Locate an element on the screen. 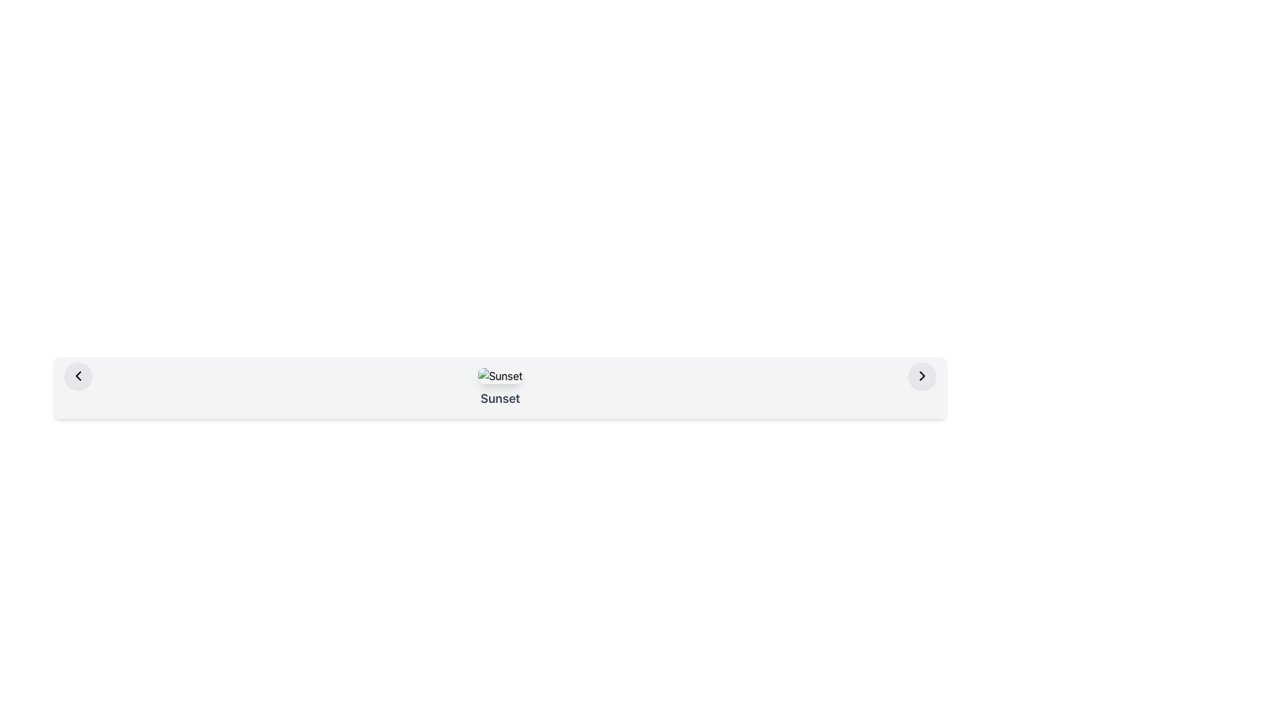 The width and height of the screenshot is (1288, 724). the circular button on the left end of the white horizontal panel, which has a gray background and a left-pointing chevron icon, to potentially see a tooltip is located at coordinates (77, 375).